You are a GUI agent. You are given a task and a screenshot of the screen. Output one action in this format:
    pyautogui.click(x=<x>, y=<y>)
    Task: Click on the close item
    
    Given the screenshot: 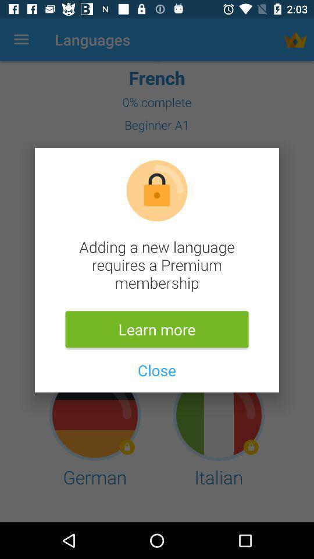 What is the action you would take?
    pyautogui.click(x=157, y=369)
    